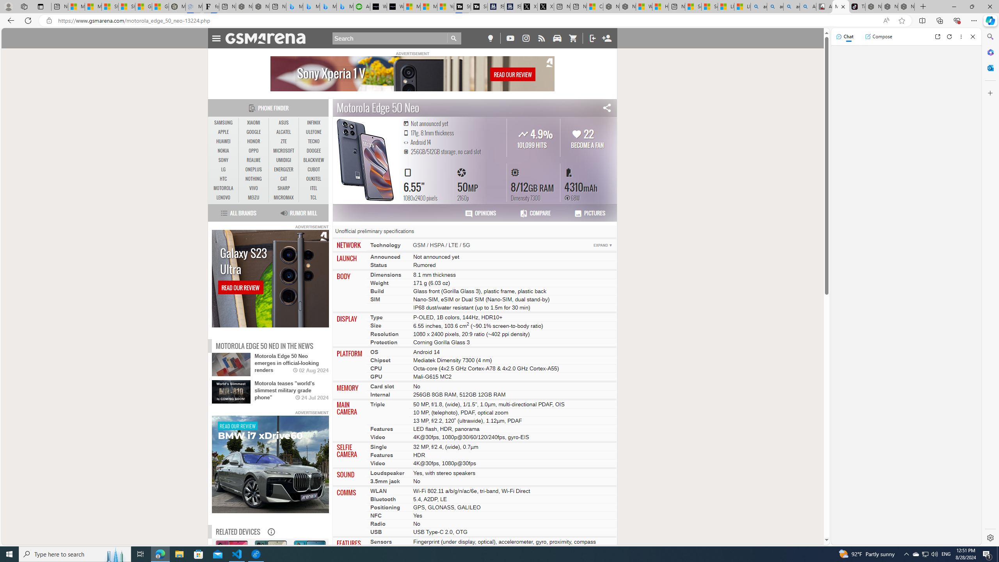  What do you see at coordinates (907, 6) in the screenshot?
I see `'Nordace - Siena Pro 15 Essential Set'` at bounding box center [907, 6].